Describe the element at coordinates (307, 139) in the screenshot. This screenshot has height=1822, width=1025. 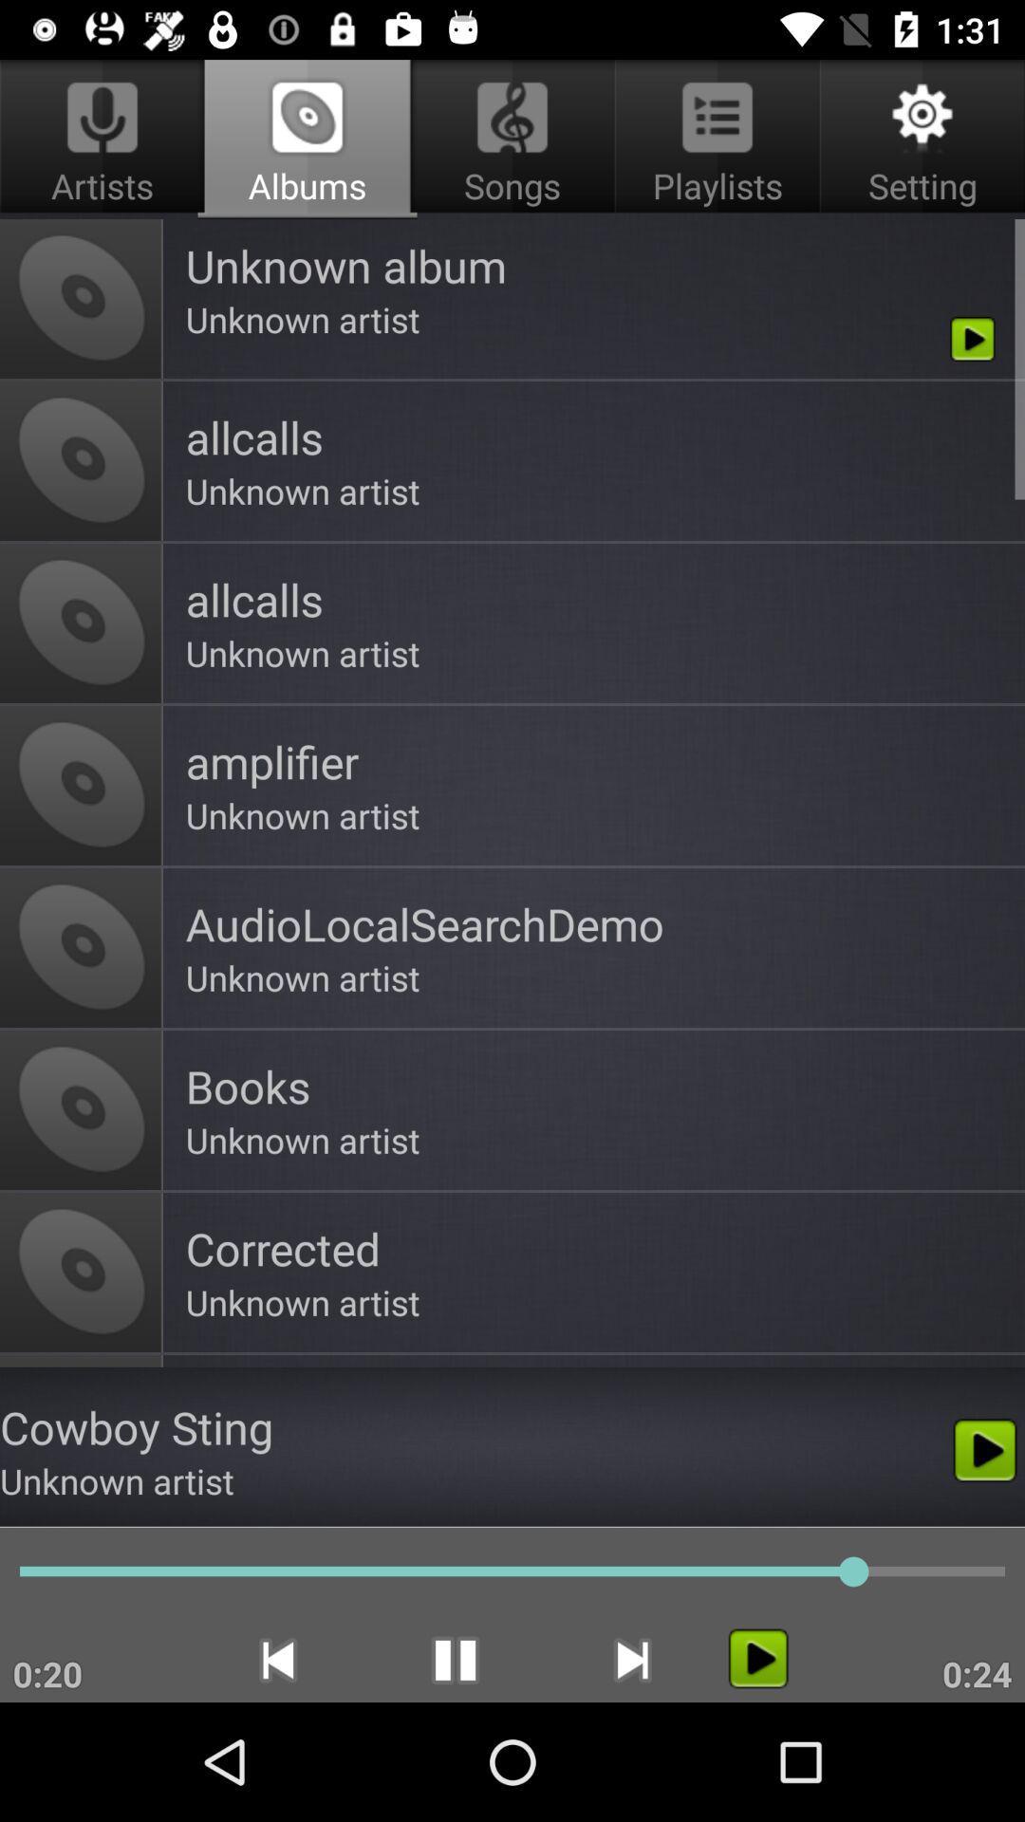
I see `the item to the left of the playlists item` at that location.